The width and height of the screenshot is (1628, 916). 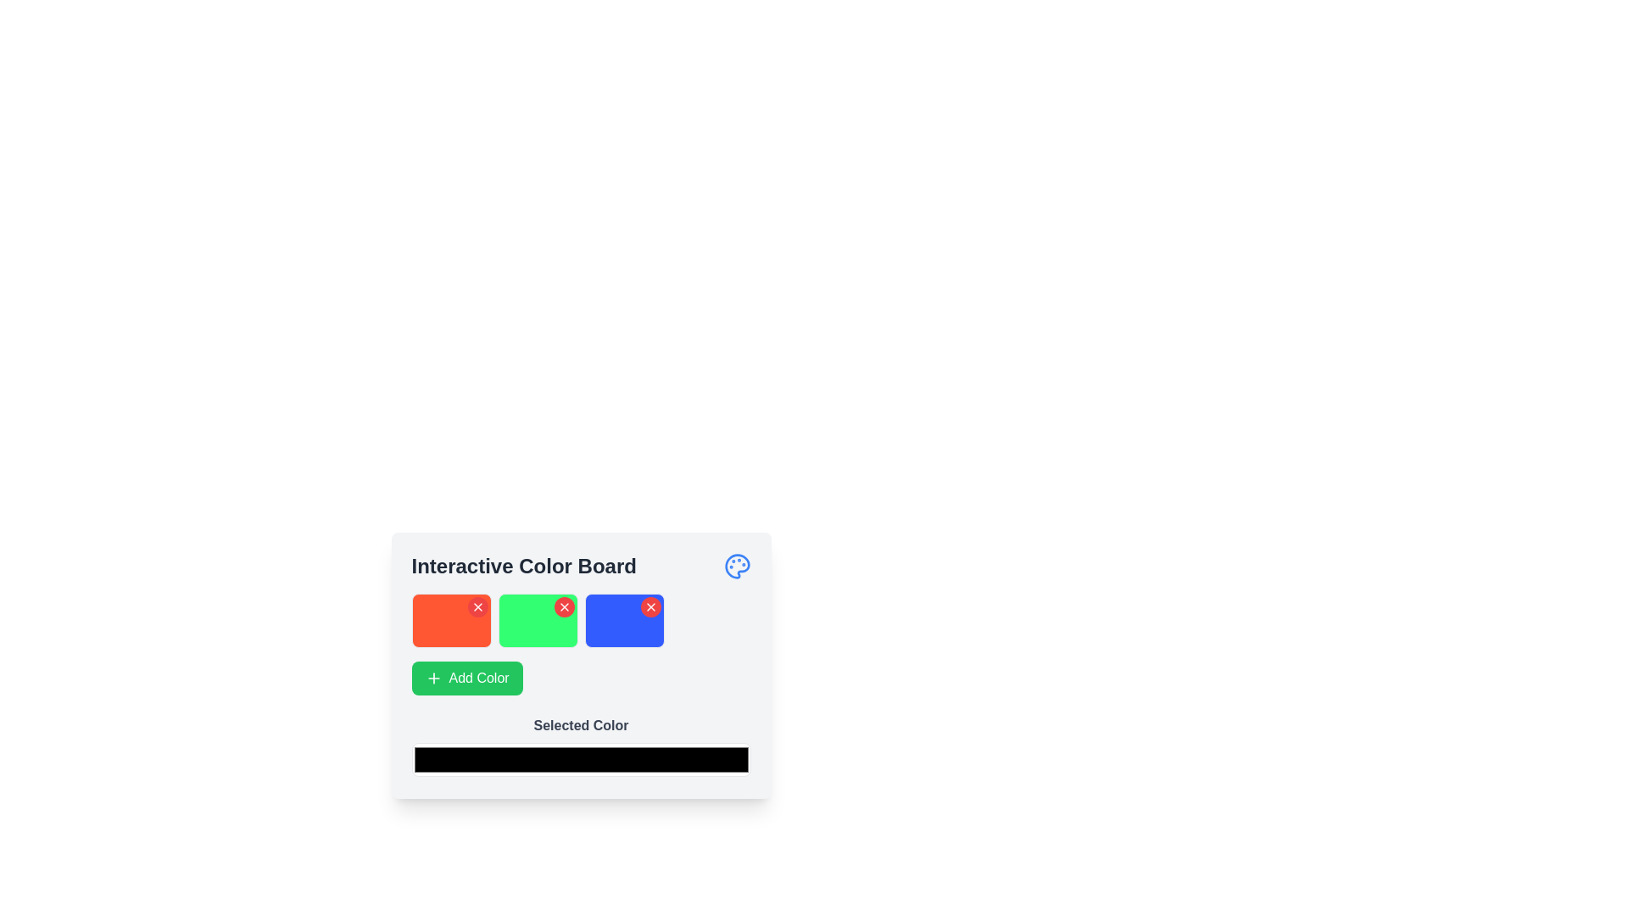 I want to click on the delete button located in the upper right corner of the blue square tile, which is the third tile in a row after an orange and a green tile, so click(x=650, y=606).